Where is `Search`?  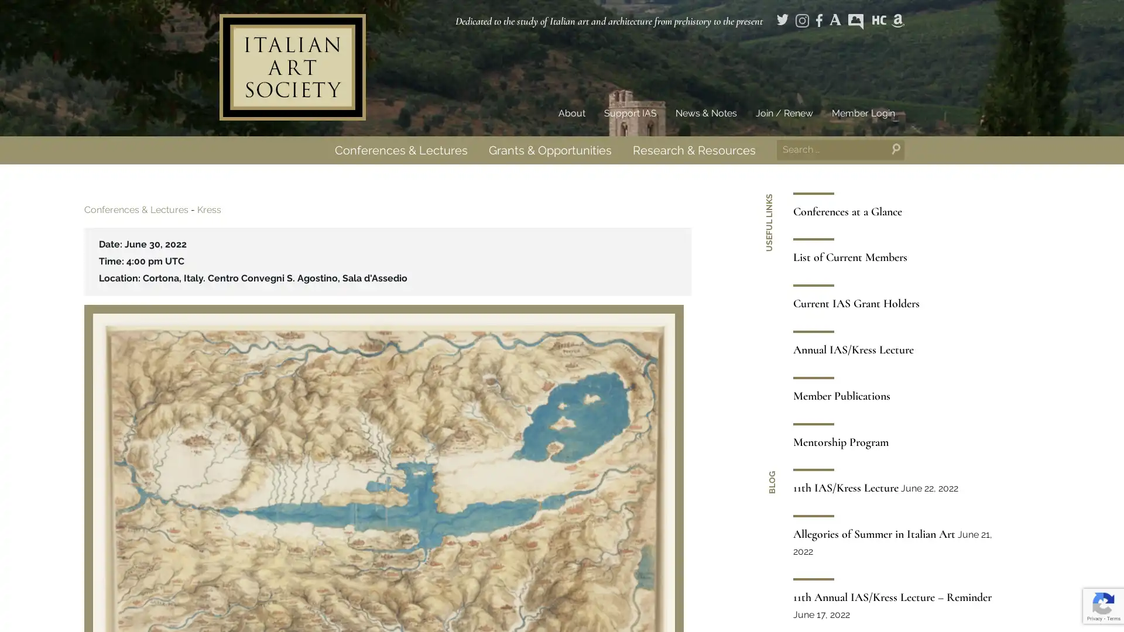
Search is located at coordinates (895, 148).